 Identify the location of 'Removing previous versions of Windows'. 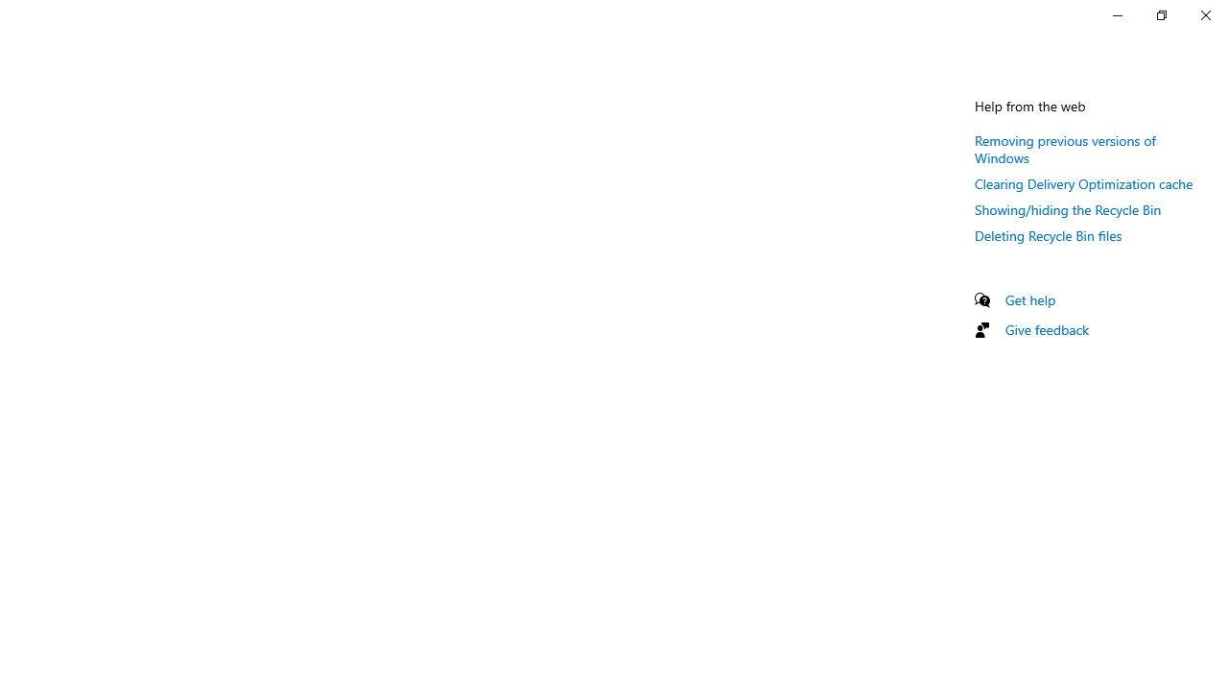
(1064, 148).